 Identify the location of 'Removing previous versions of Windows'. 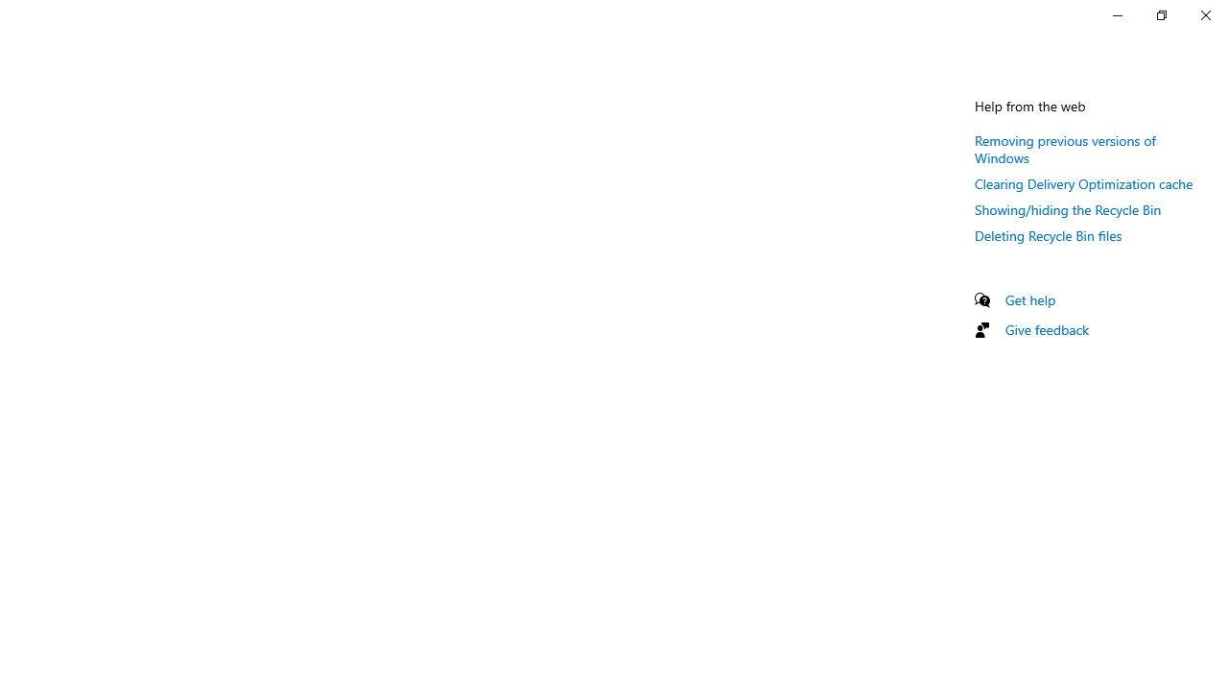
(1064, 148).